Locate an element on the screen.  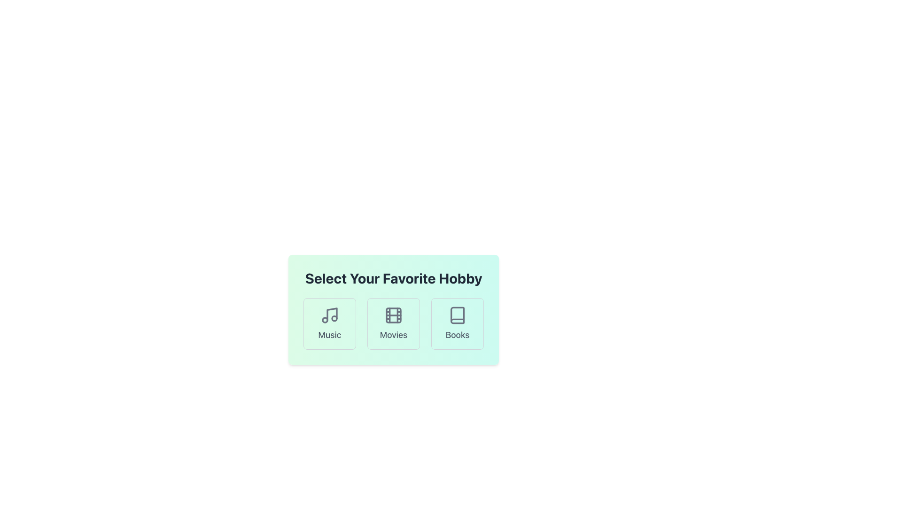
the 'Movies' icon, which is centrally located above the text 'Movies' in the selection interface for hobbies is located at coordinates (394, 315).